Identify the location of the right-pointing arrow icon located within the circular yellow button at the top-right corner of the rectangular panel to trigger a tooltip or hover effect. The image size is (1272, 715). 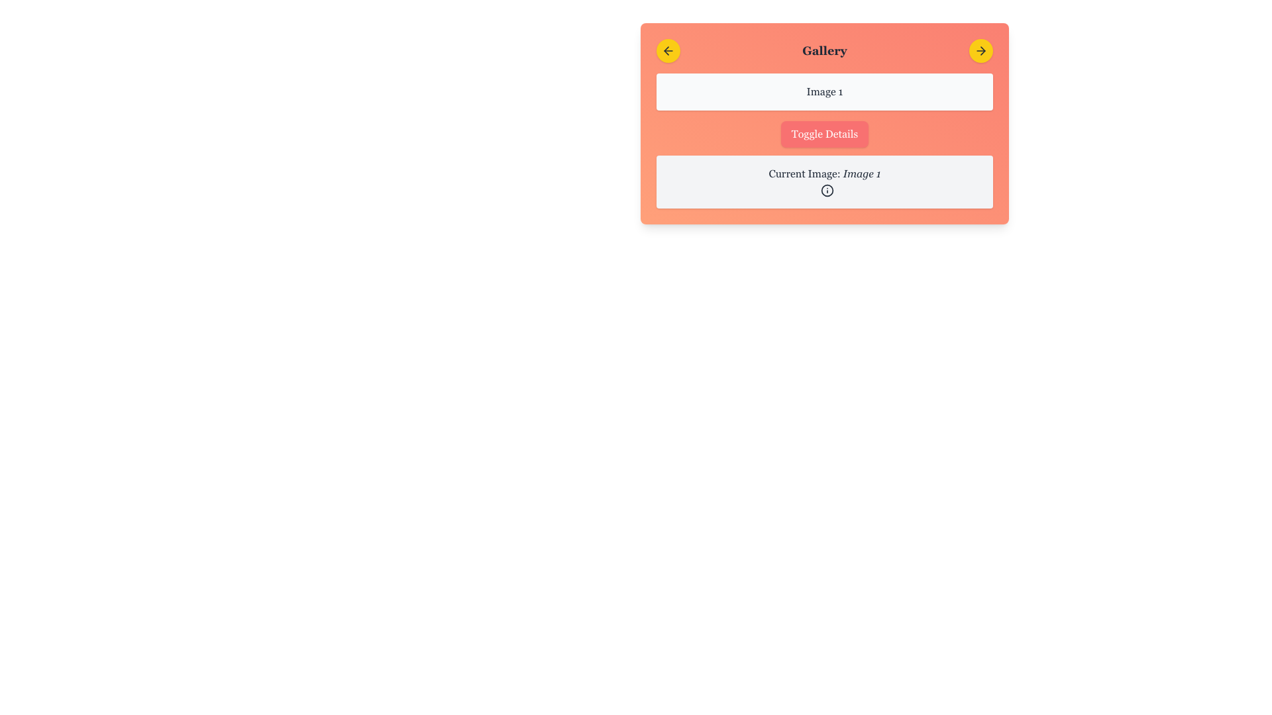
(980, 50).